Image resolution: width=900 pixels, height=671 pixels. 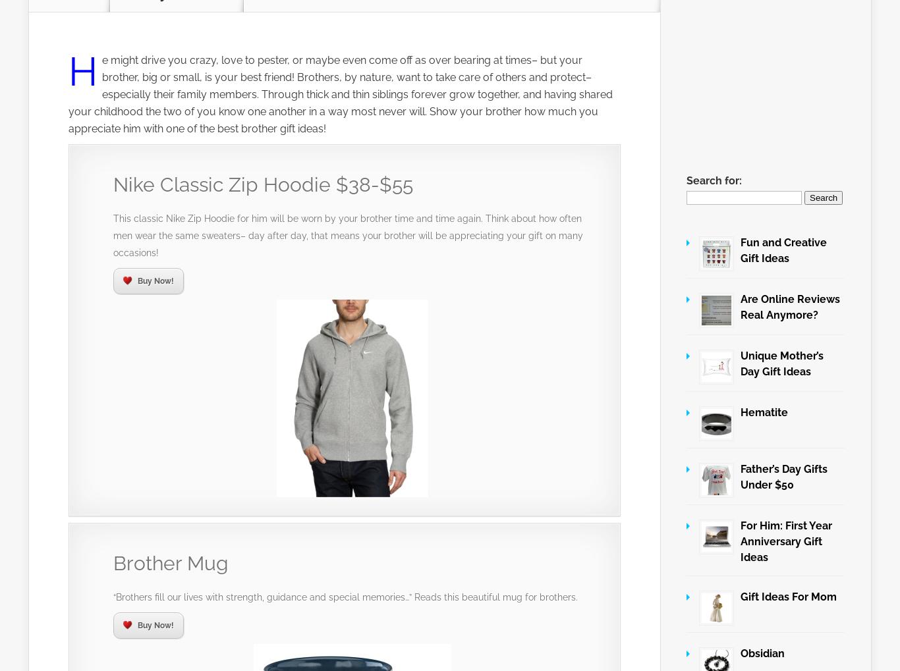 I want to click on 'Gift Ideas For Mom', so click(x=789, y=597).